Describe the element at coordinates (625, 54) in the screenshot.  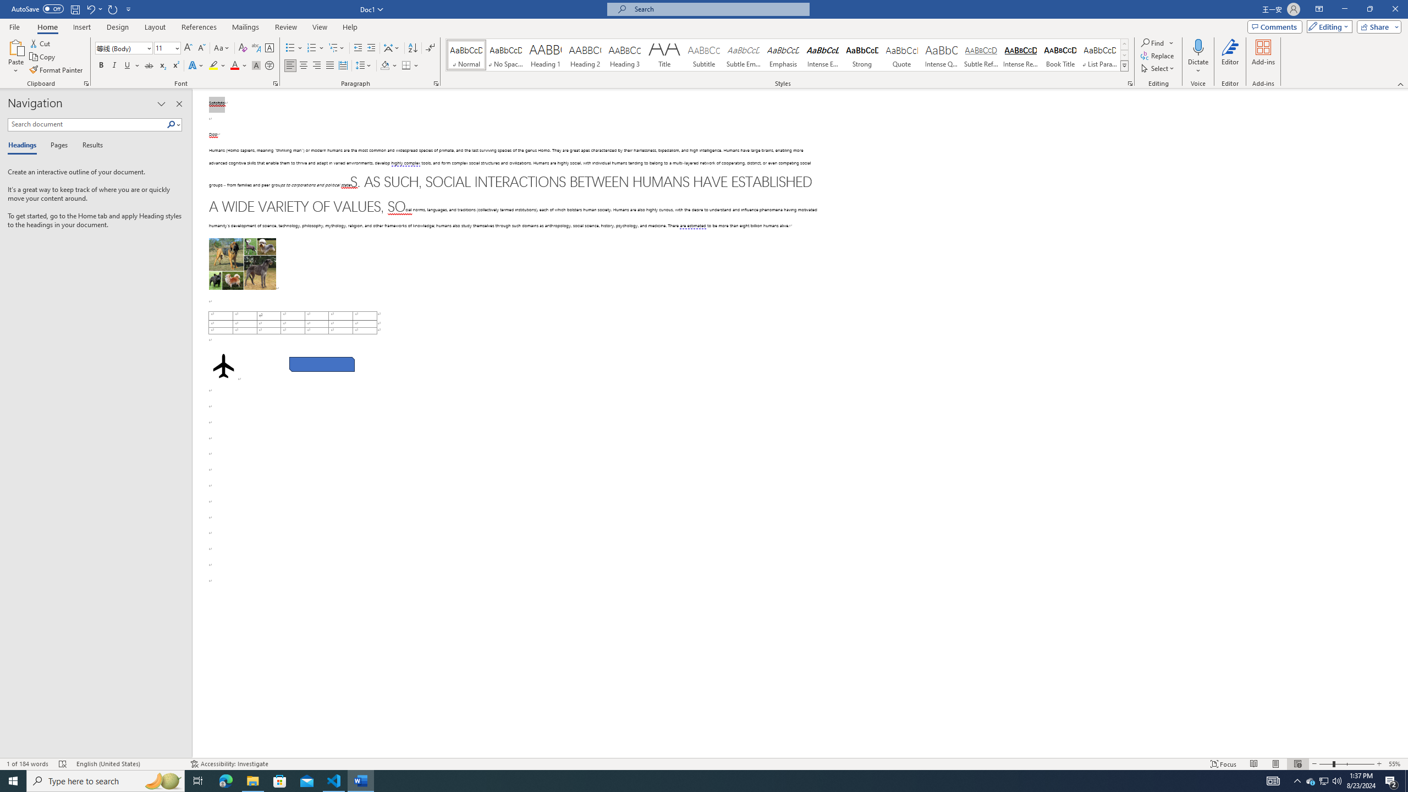
I see `'Heading 3'` at that location.